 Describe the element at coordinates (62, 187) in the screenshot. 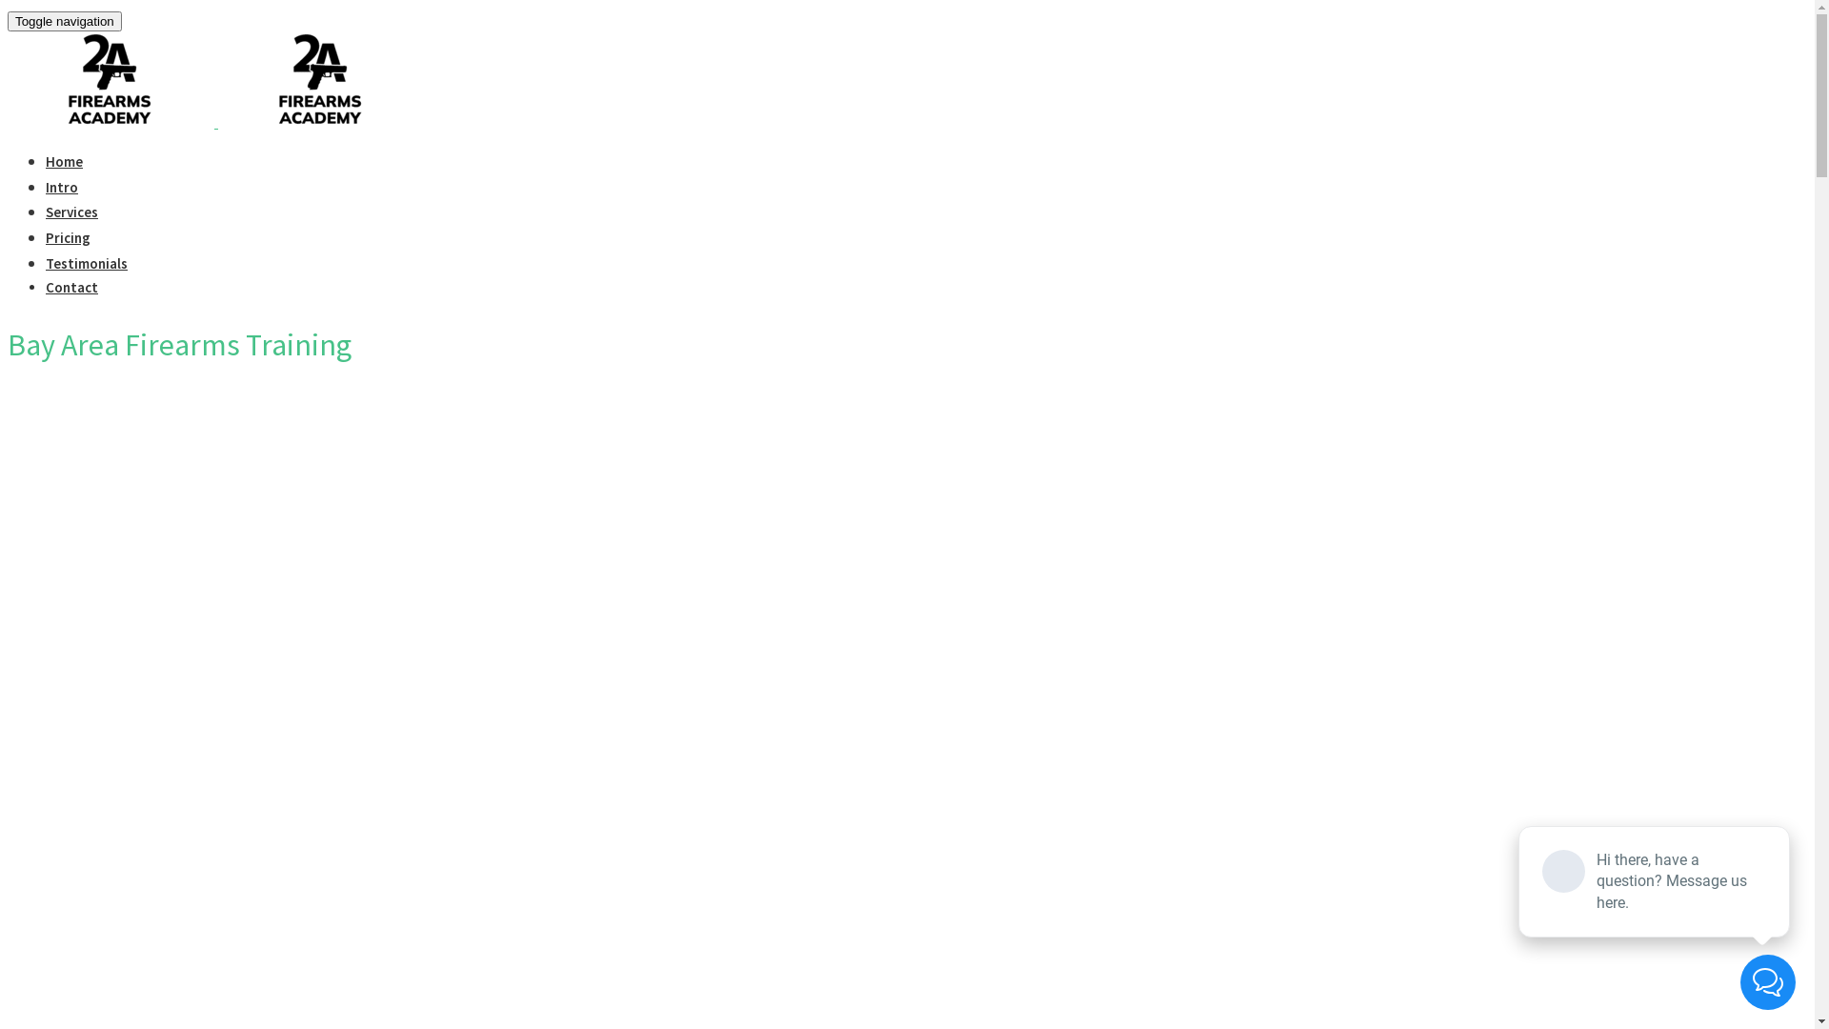

I see `'Intro'` at that location.